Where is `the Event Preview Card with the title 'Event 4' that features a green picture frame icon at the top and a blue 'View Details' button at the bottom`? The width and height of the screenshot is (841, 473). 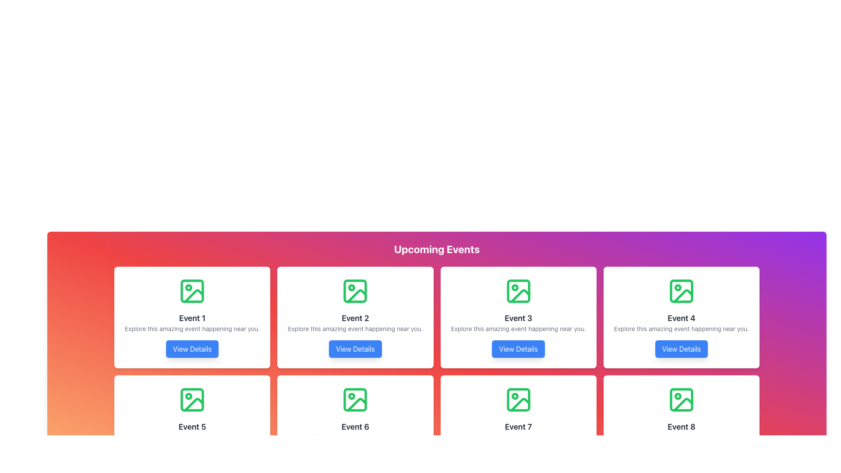 the Event Preview Card with the title 'Event 4' that features a green picture frame icon at the top and a blue 'View Details' button at the bottom is located at coordinates (681, 318).